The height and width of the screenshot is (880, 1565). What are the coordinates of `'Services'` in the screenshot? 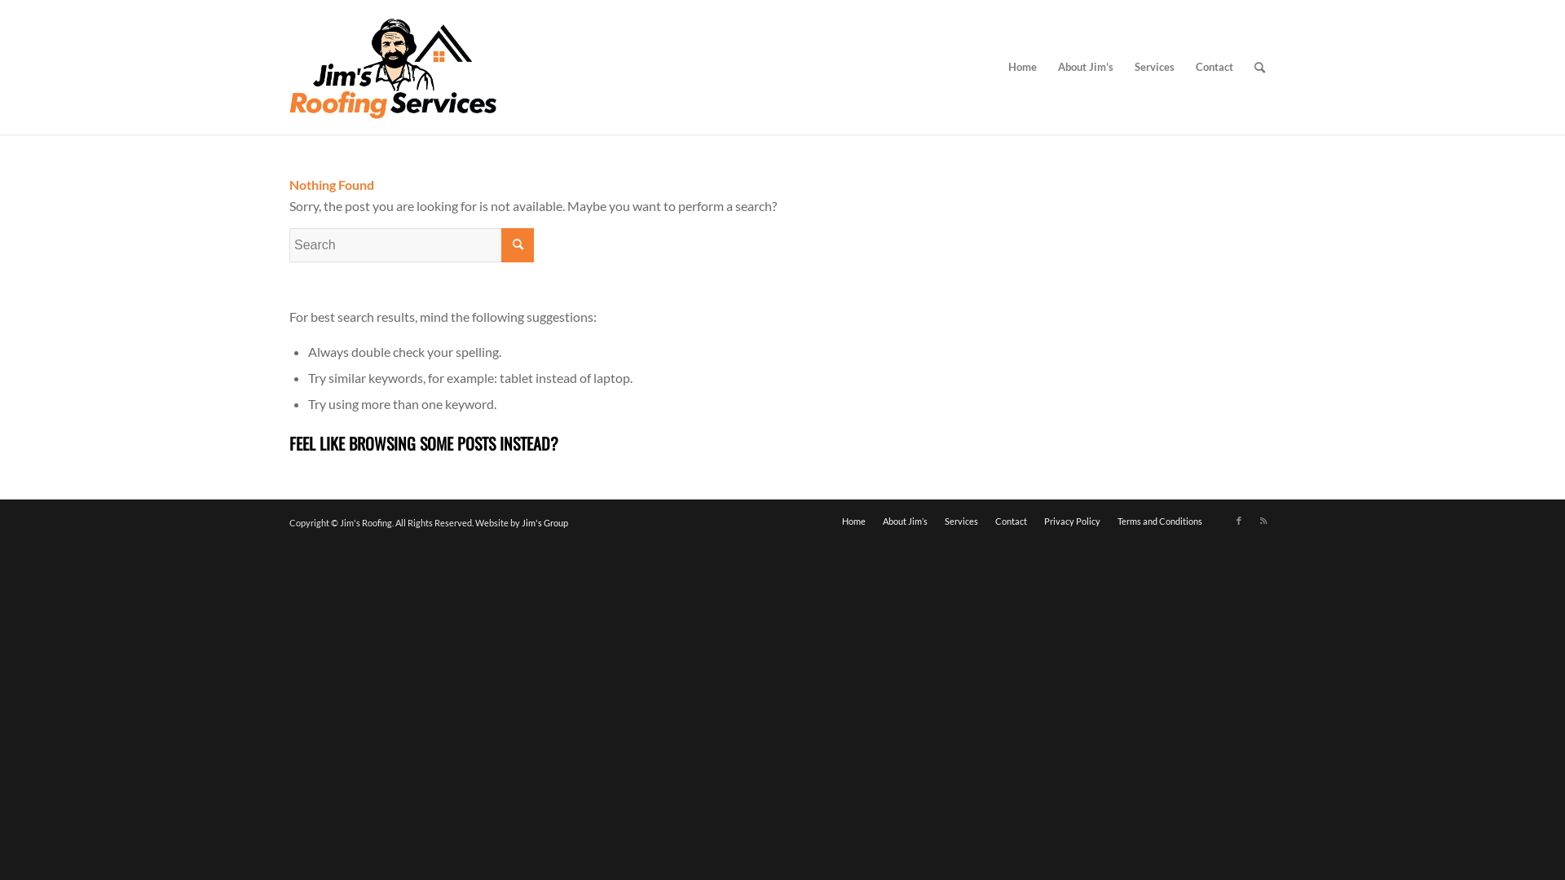 It's located at (961, 521).